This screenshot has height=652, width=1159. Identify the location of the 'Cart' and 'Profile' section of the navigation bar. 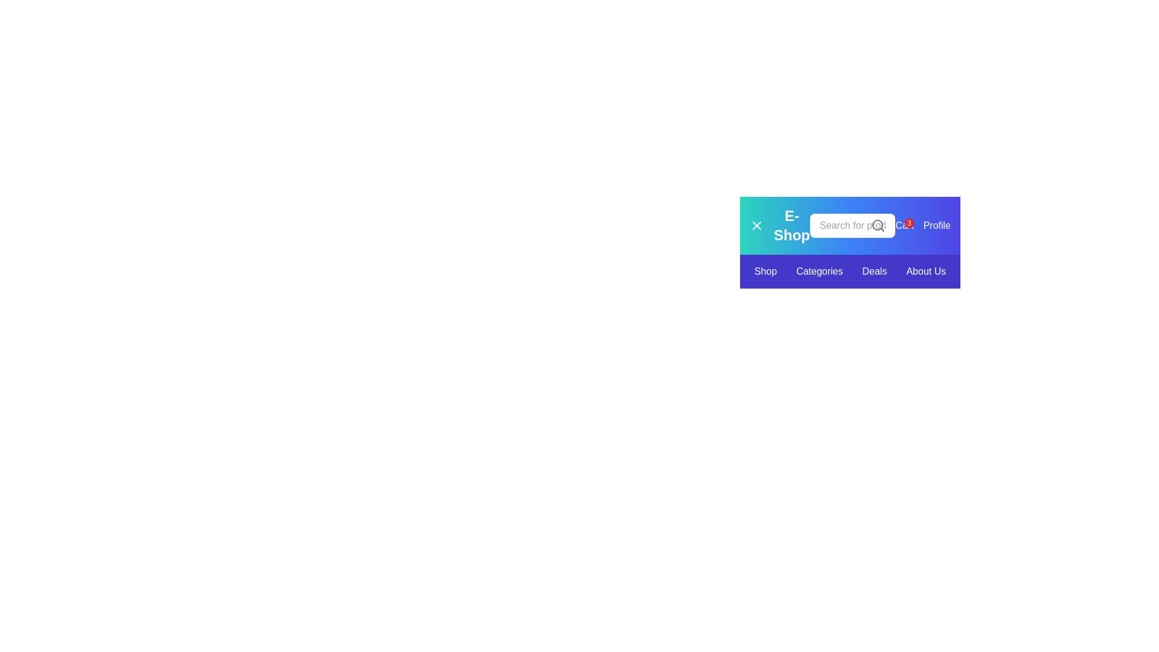
(922, 226).